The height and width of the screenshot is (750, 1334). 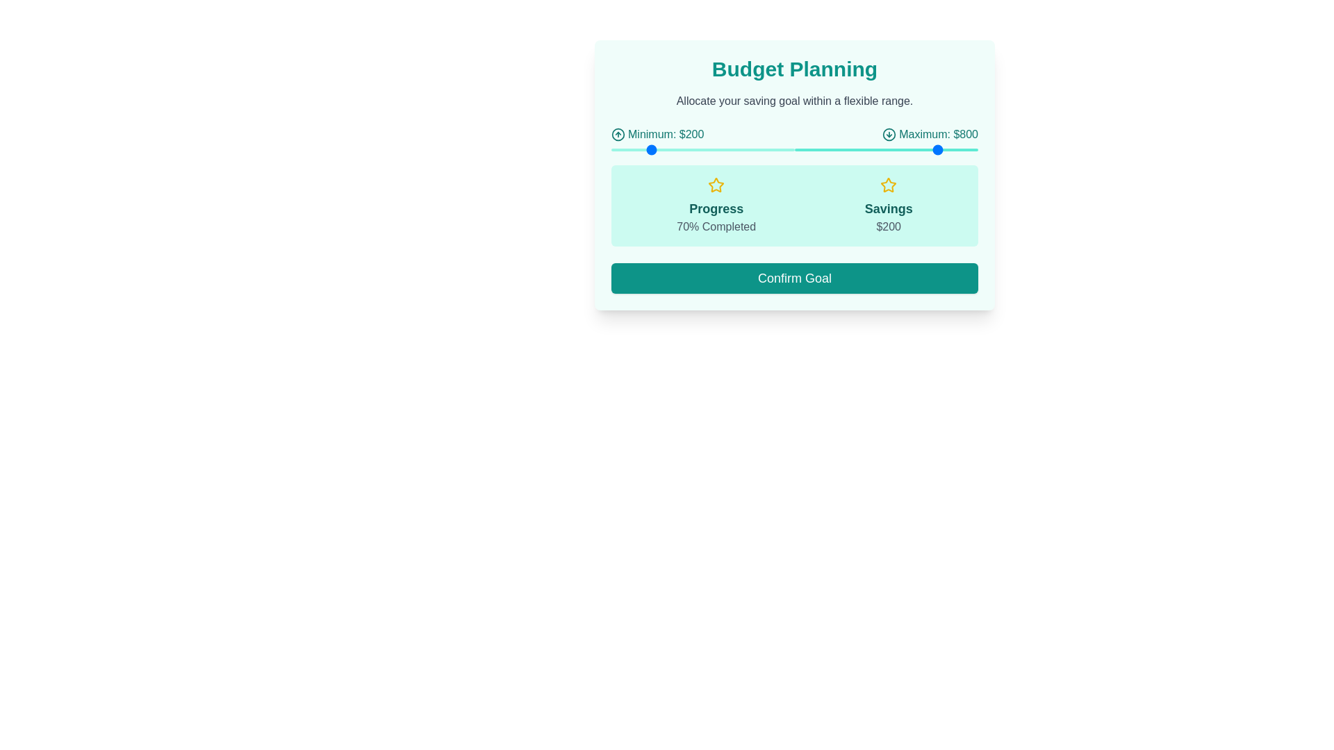 I want to click on the 'Maximum: $800' label with a green downward arrow, which is the second label in the group indicating the bounds of a range, so click(x=930, y=134).